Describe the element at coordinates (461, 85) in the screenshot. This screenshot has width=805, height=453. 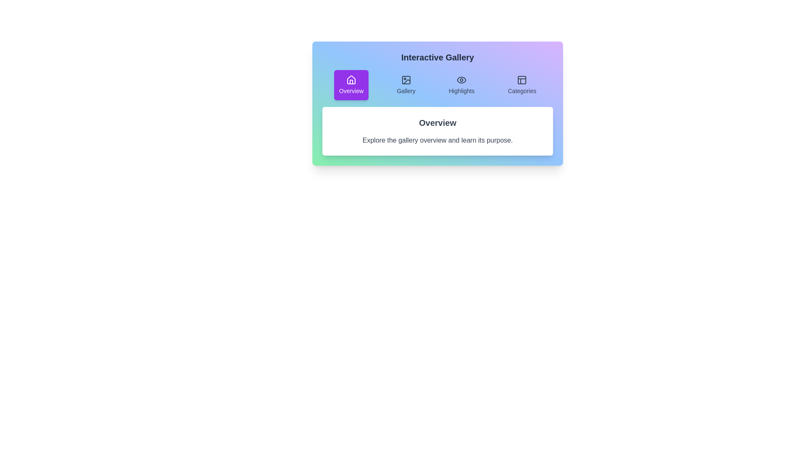
I see `the Highlights tab by clicking on it` at that location.